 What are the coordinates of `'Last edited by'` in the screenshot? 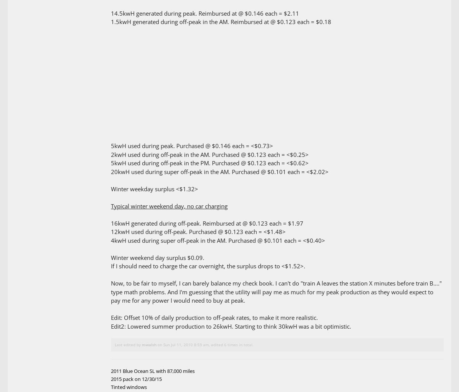 It's located at (115, 344).